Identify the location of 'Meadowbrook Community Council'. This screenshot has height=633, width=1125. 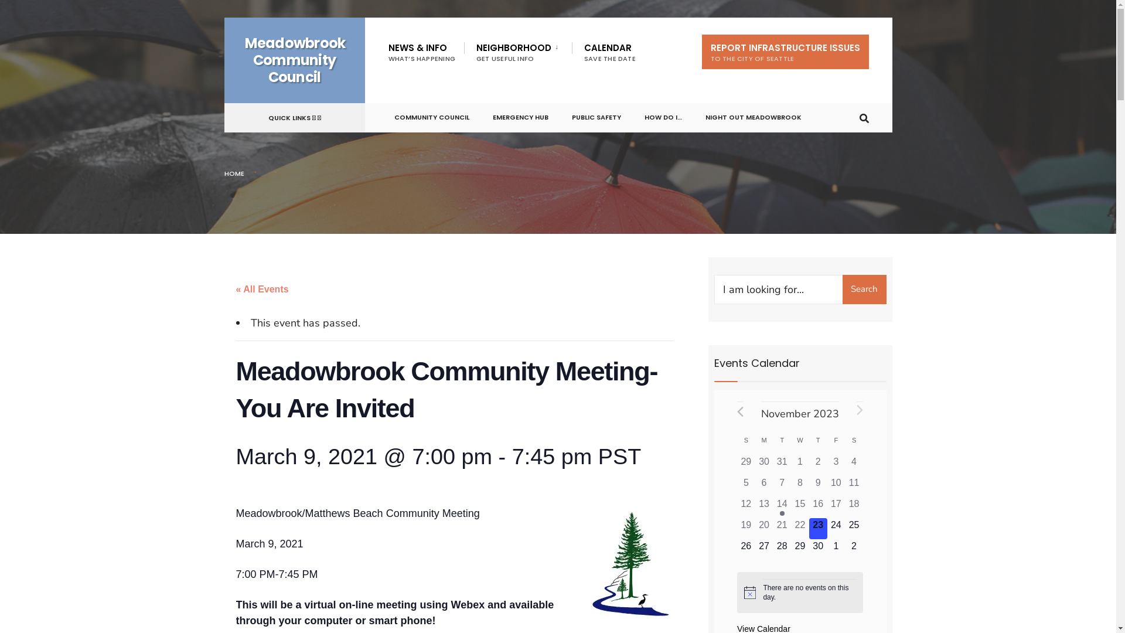
(295, 60).